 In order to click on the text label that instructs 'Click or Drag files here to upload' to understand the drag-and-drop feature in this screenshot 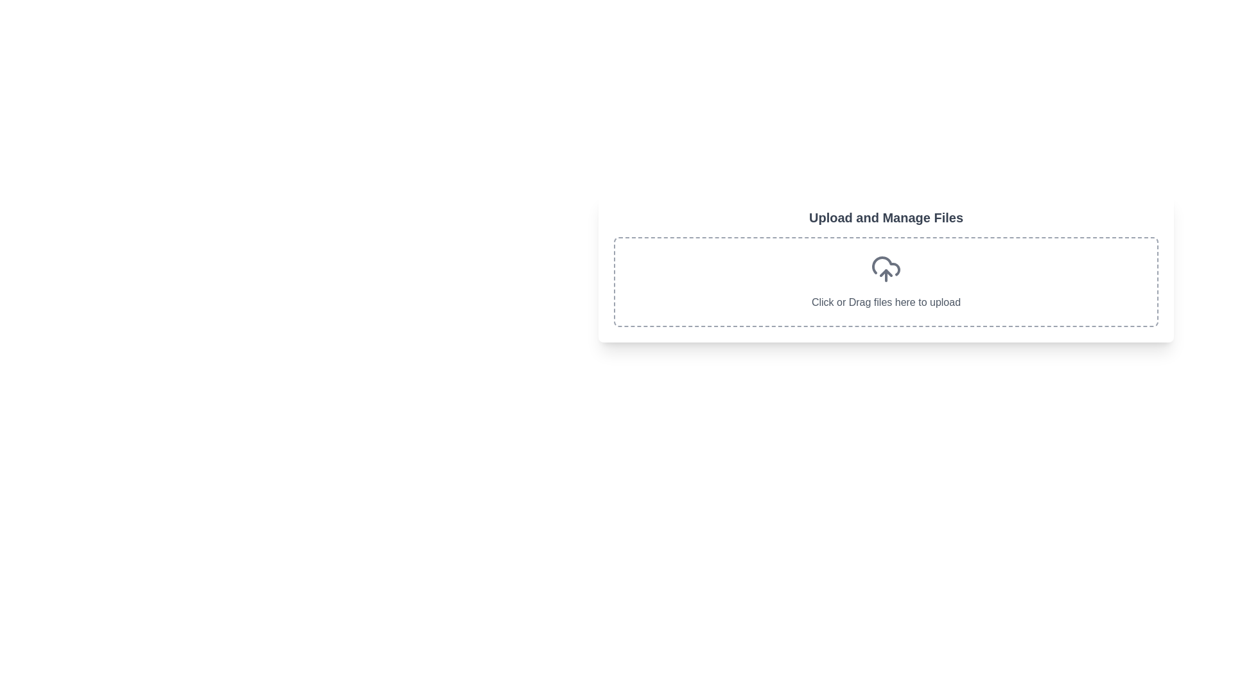, I will do `click(886, 302)`.